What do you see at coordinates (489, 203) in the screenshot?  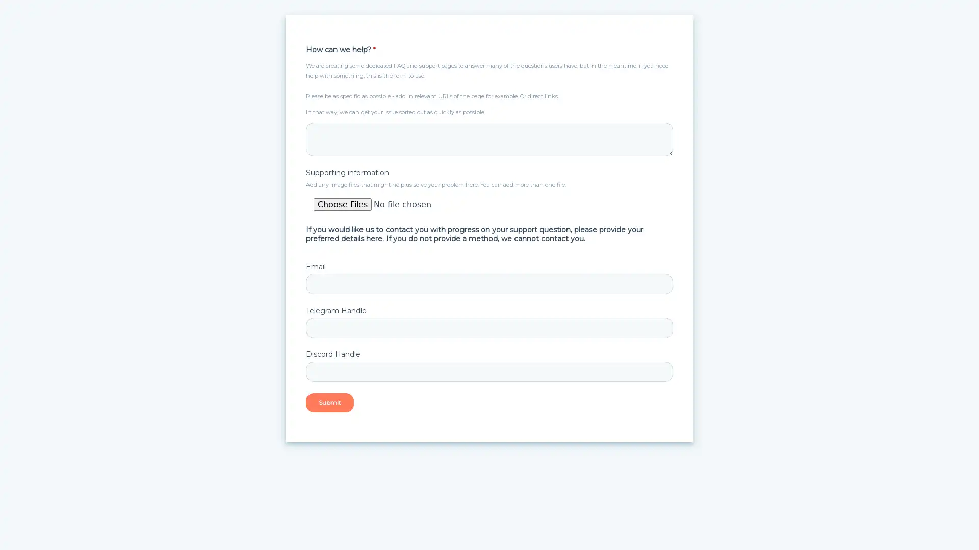 I see `Supporting information` at bounding box center [489, 203].